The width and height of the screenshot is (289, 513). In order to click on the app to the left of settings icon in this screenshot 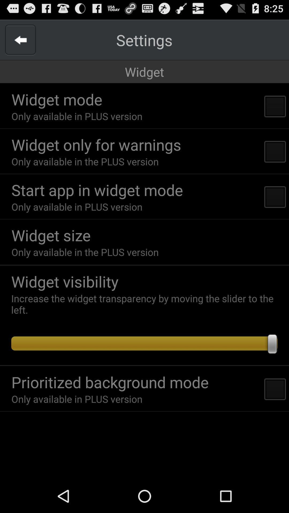, I will do `click(20, 40)`.